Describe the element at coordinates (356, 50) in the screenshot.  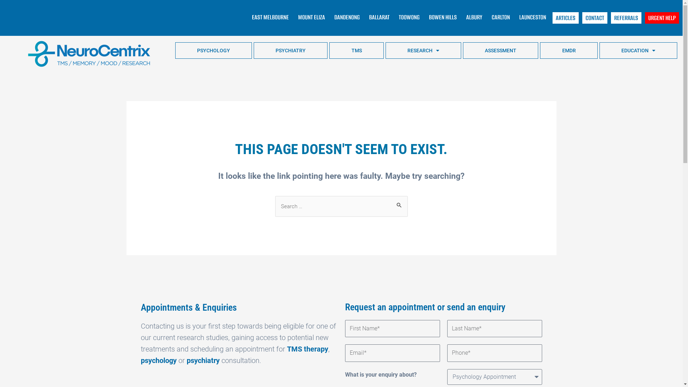
I see `'TMS'` at that location.